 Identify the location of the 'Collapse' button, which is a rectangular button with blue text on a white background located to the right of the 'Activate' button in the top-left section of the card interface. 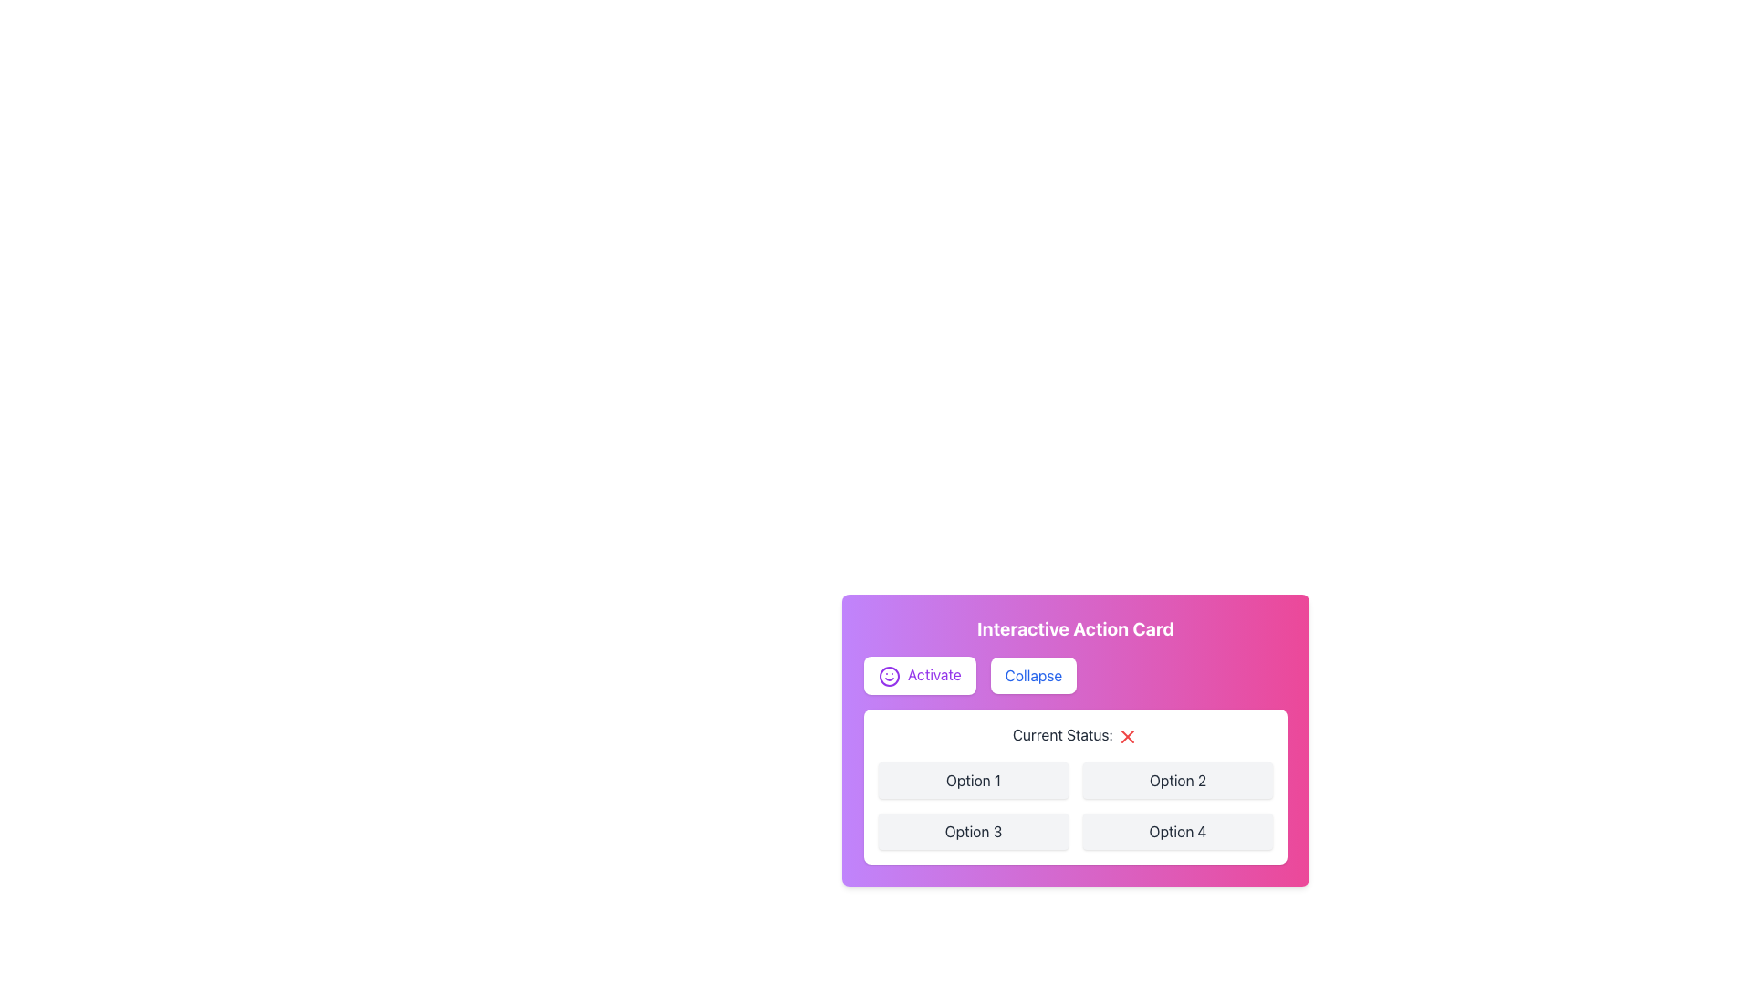
(1033, 675).